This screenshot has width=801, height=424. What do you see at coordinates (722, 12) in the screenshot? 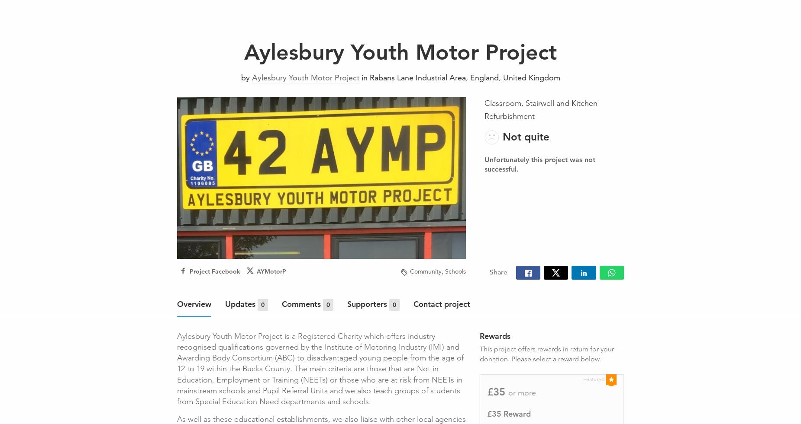
I see `'Start crowdfunding'` at bounding box center [722, 12].